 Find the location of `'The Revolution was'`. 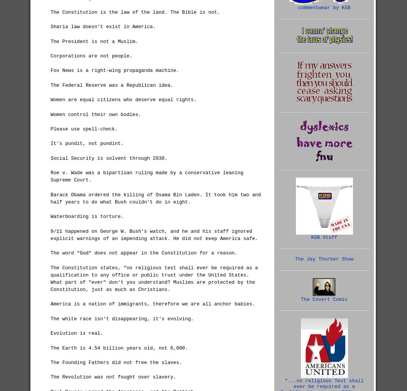

'The Revolution was' is located at coordinates (78, 377).